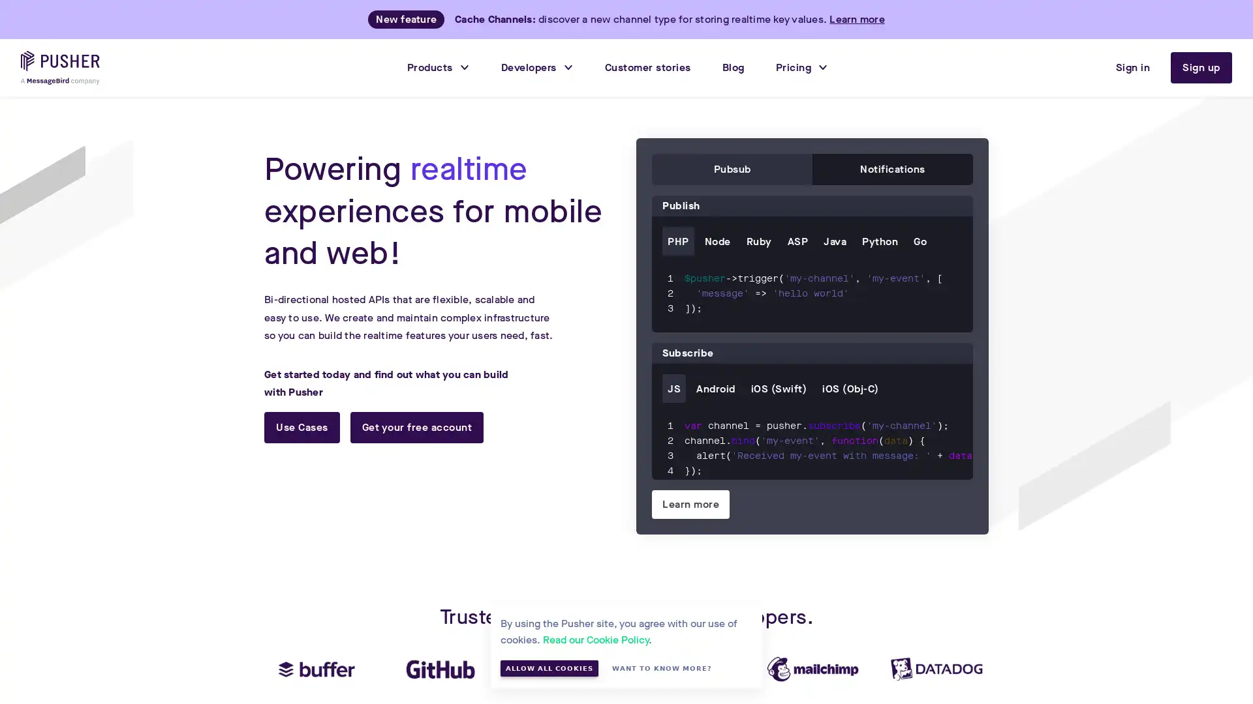  What do you see at coordinates (690, 504) in the screenshot?
I see `Learn more` at bounding box center [690, 504].